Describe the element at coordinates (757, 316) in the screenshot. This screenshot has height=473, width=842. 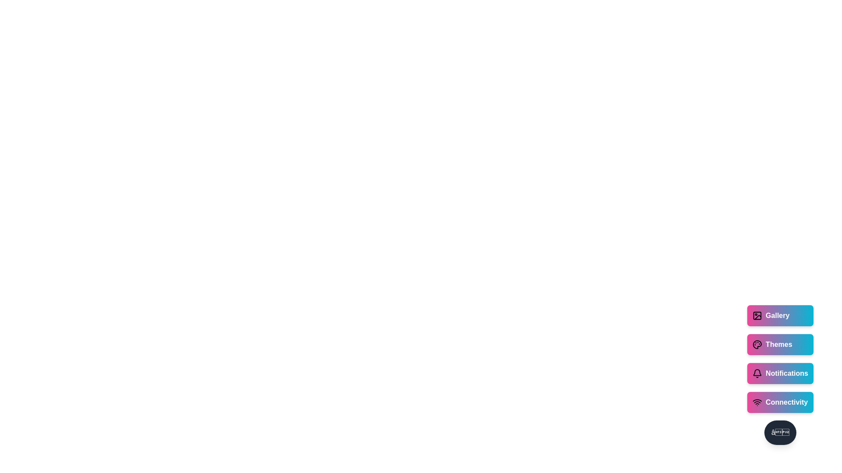
I see `the decorative background component of the gallery icon, which is a small rounded rectangular shape in light pink color, located within the SVG icon on the pink and blue gradient button labeled 'Gallery'` at that location.